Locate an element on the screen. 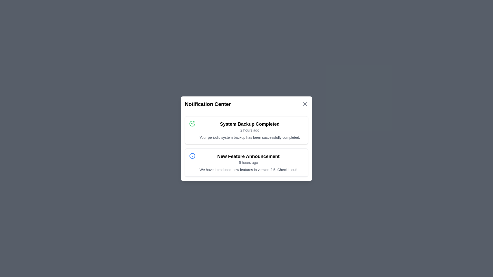 The image size is (493, 277). the small 'X' button in the top-right corner of the notification panel is located at coordinates (305, 104).